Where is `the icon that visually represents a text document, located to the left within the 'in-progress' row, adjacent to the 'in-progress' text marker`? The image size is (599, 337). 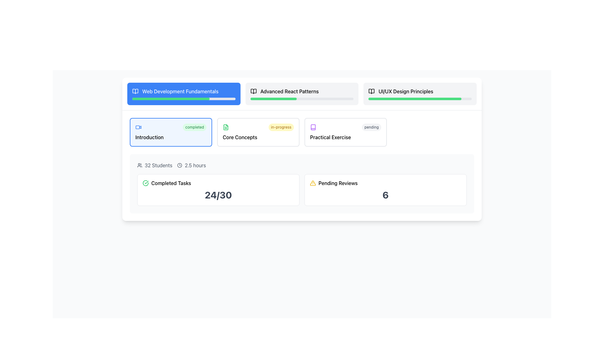 the icon that visually represents a text document, located to the left within the 'in-progress' row, adjacent to the 'in-progress' text marker is located at coordinates (226, 127).